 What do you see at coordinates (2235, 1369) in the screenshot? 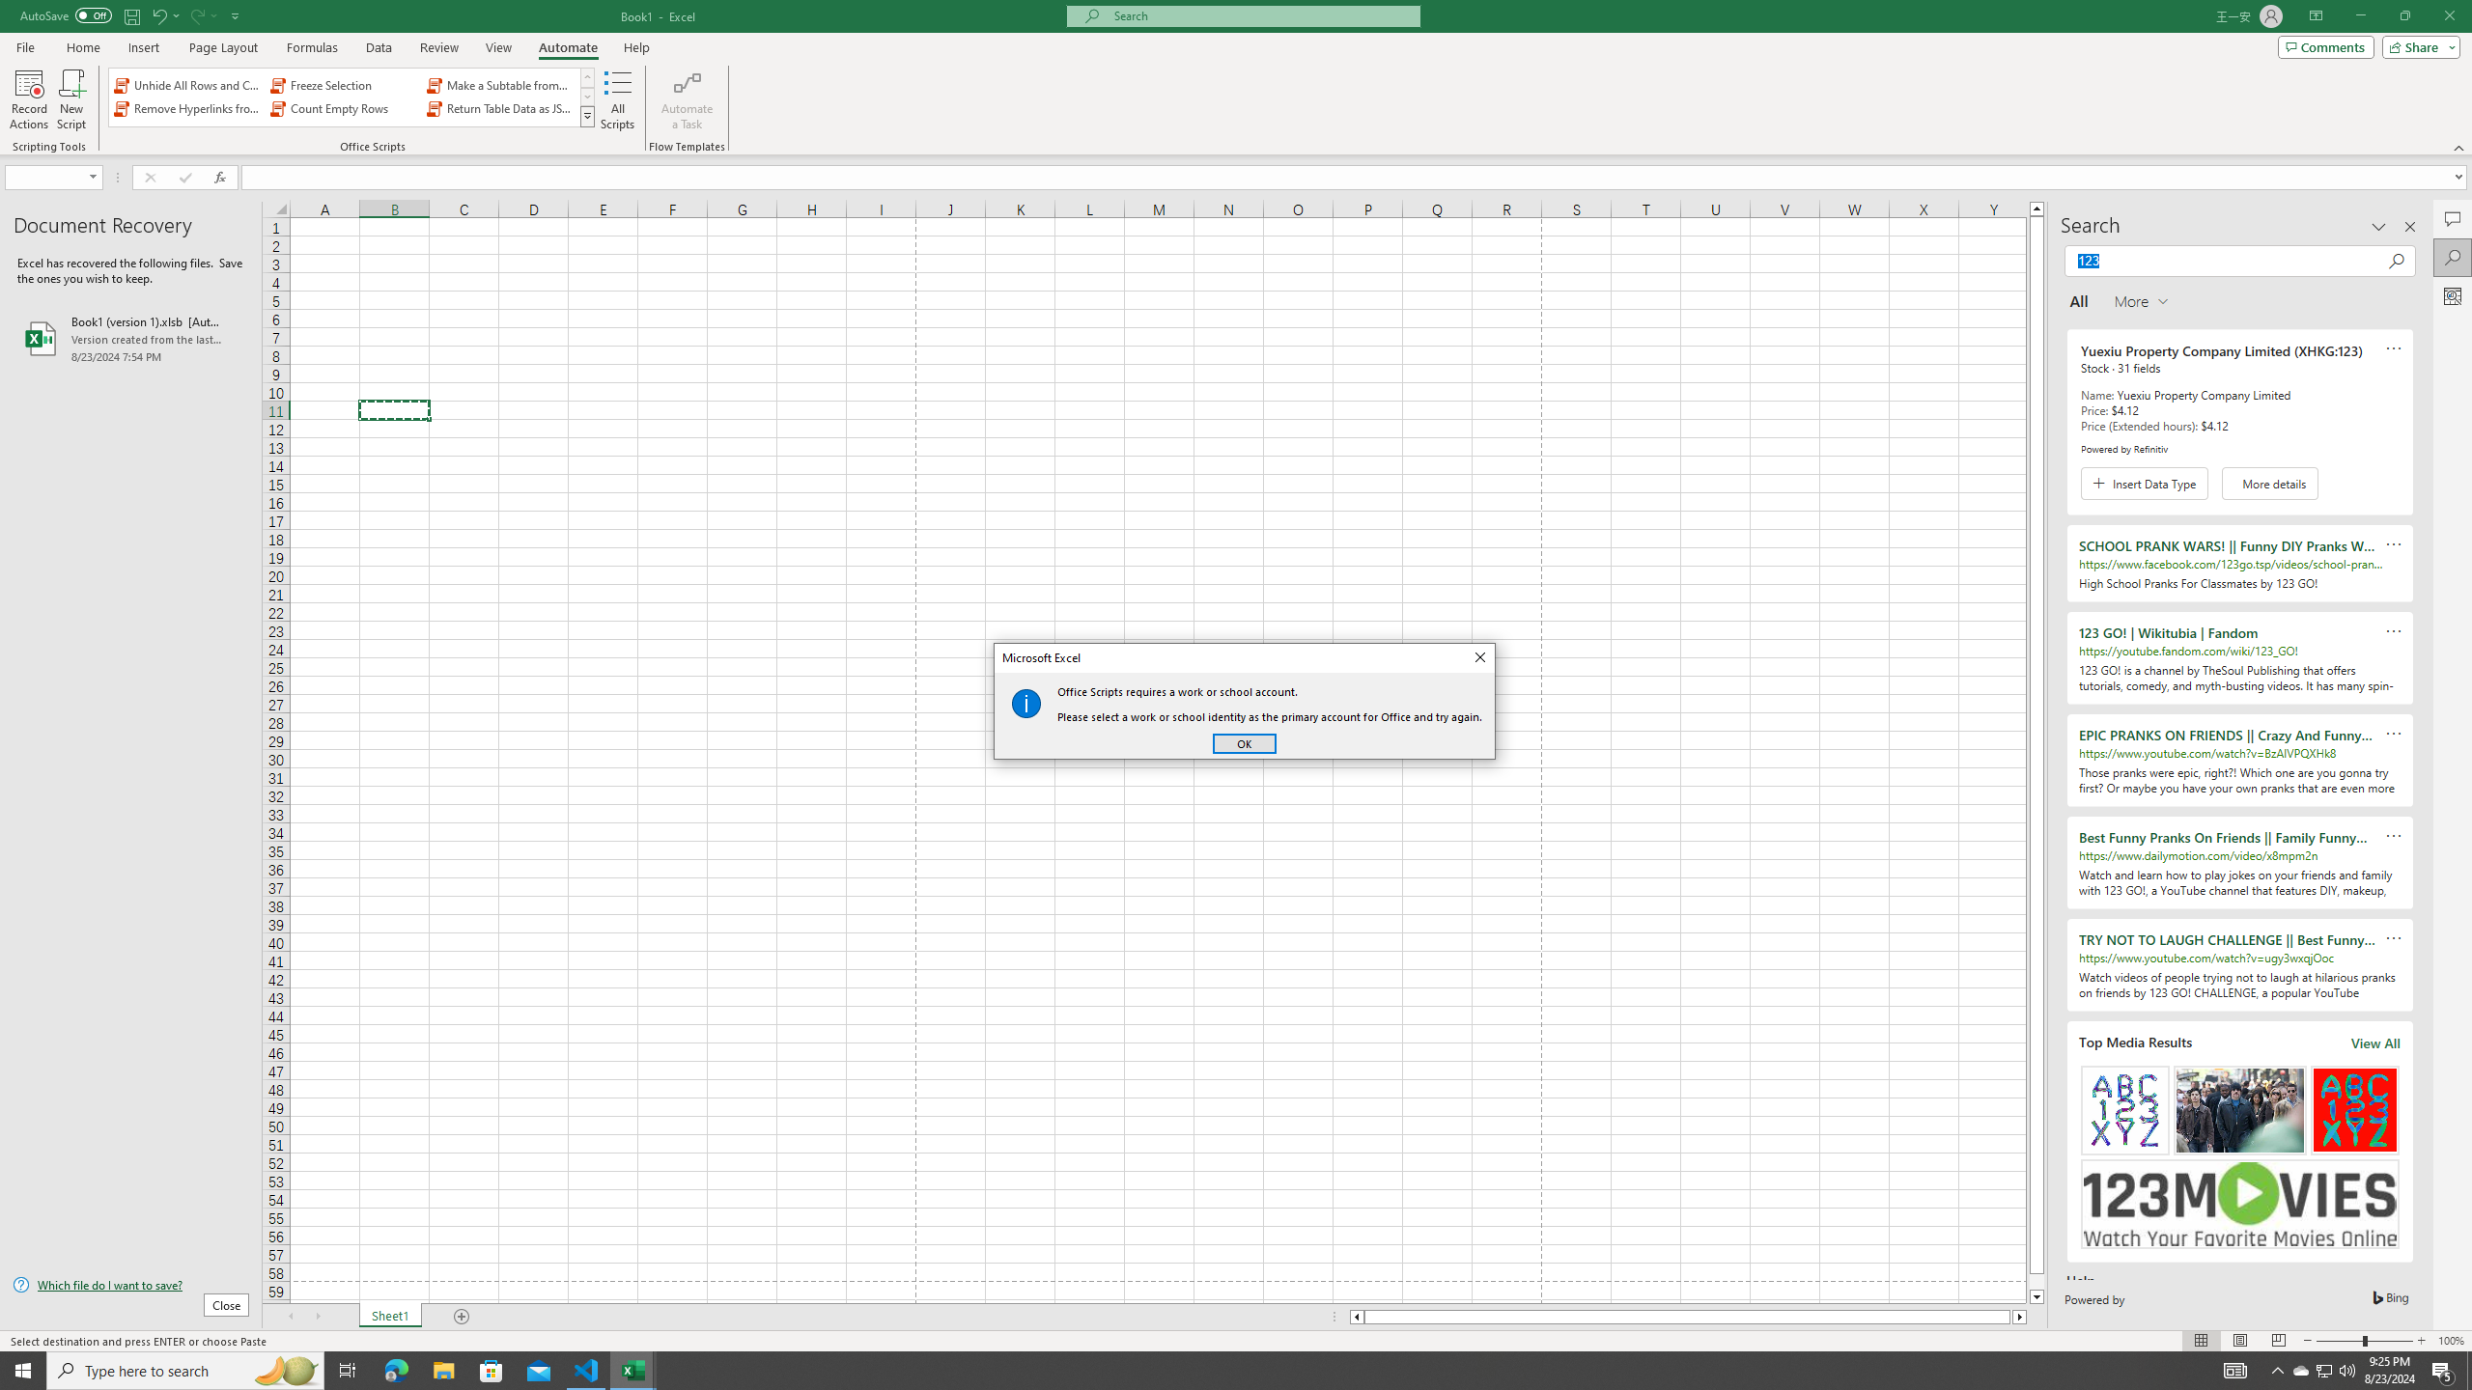
I see `'AutomationID: 4105'` at bounding box center [2235, 1369].